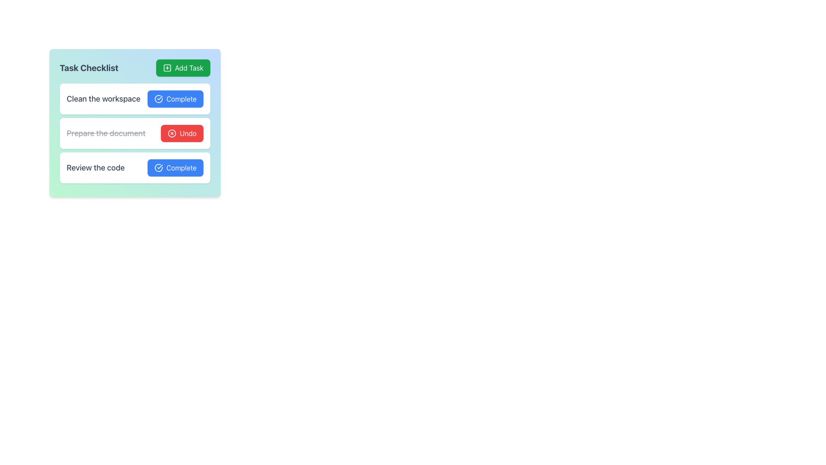 The image size is (826, 465). What do you see at coordinates (158, 167) in the screenshot?
I see `the 'Complete' button icon, which is located on the left side of the button text 'Complete' at the bottom of the task list` at bounding box center [158, 167].